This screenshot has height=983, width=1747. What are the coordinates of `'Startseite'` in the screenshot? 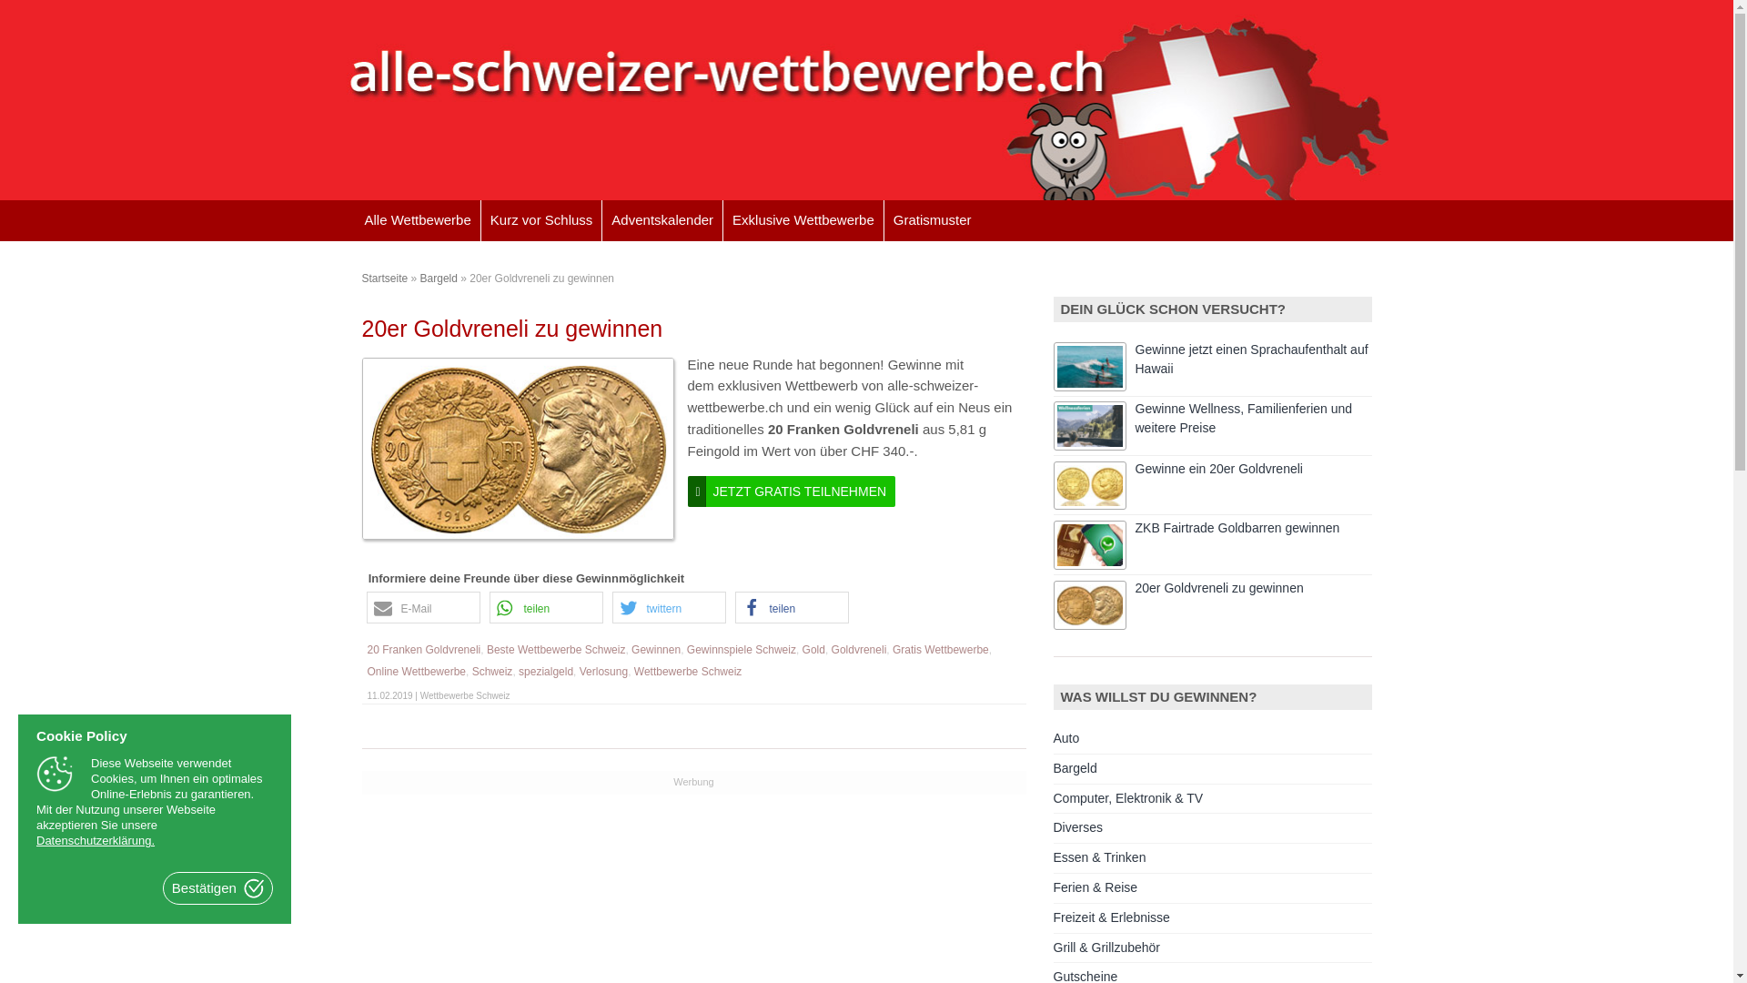 It's located at (384, 278).